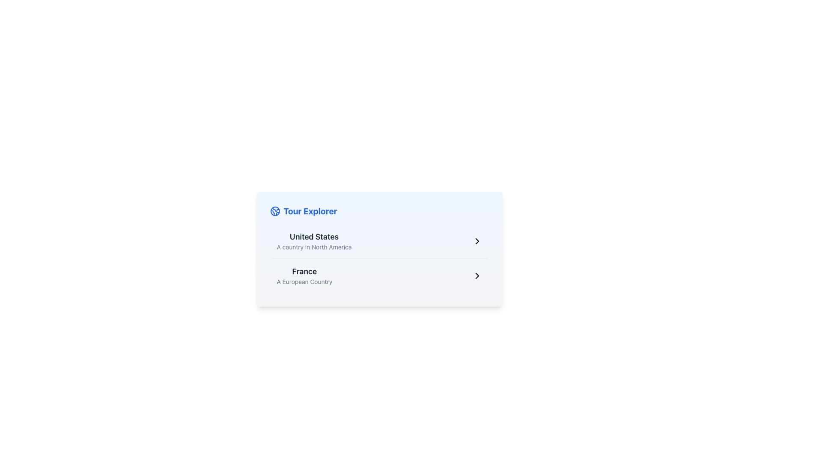  Describe the element at coordinates (314, 241) in the screenshot. I see `the descriptive label for 'United States', which is located below the 'Tour Explorer' heading and above the 'France' entry` at that location.